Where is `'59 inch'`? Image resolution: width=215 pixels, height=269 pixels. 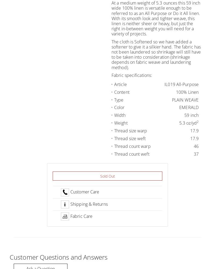 '59 inch' is located at coordinates (184, 115).